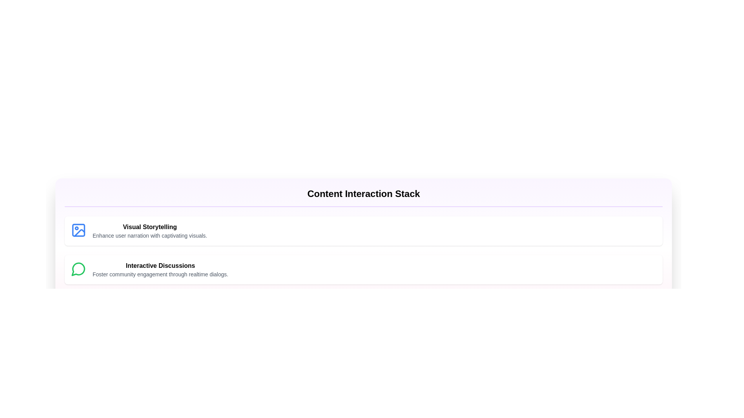  I want to click on the text label that reads 'Interactive Discussions.', so click(160, 265).